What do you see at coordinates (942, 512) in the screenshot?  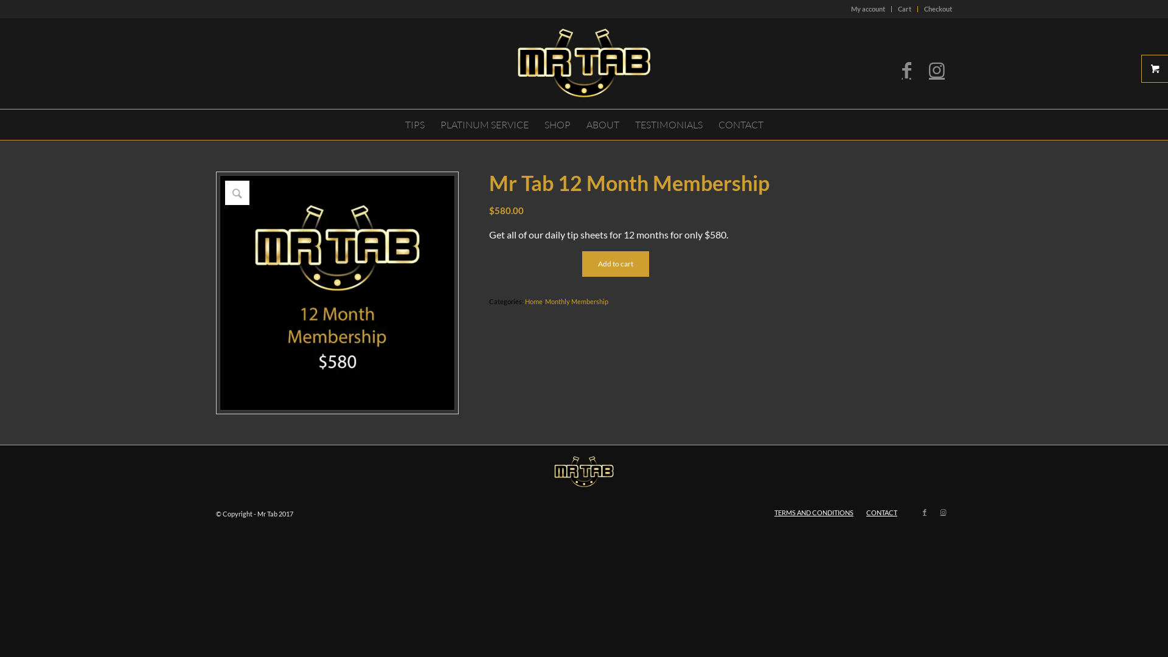 I see `'Instagram'` at bounding box center [942, 512].